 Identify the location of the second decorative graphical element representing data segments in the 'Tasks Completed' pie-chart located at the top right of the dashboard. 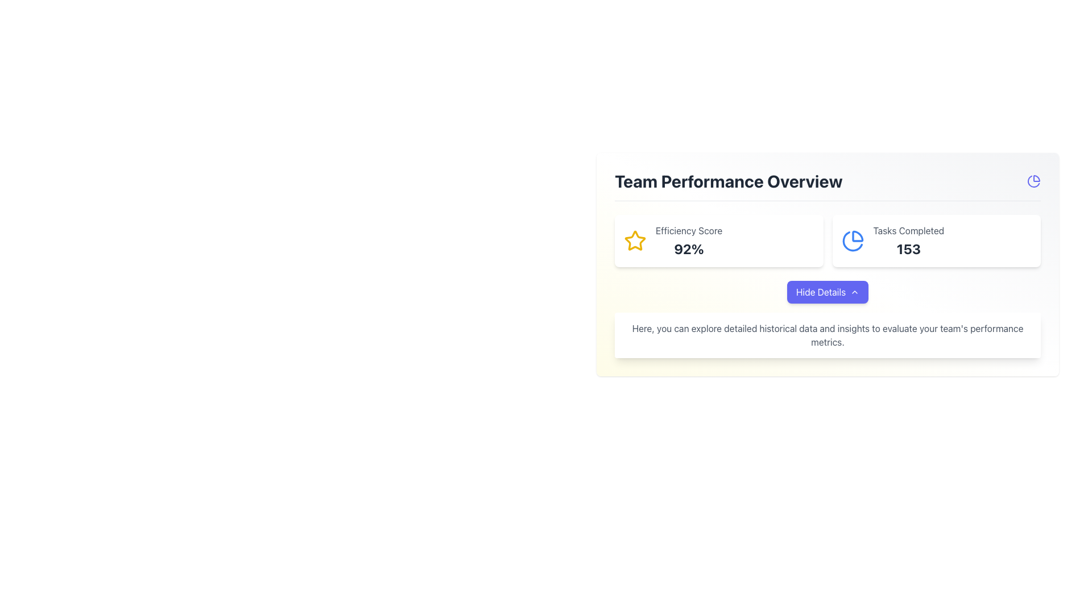
(852, 240).